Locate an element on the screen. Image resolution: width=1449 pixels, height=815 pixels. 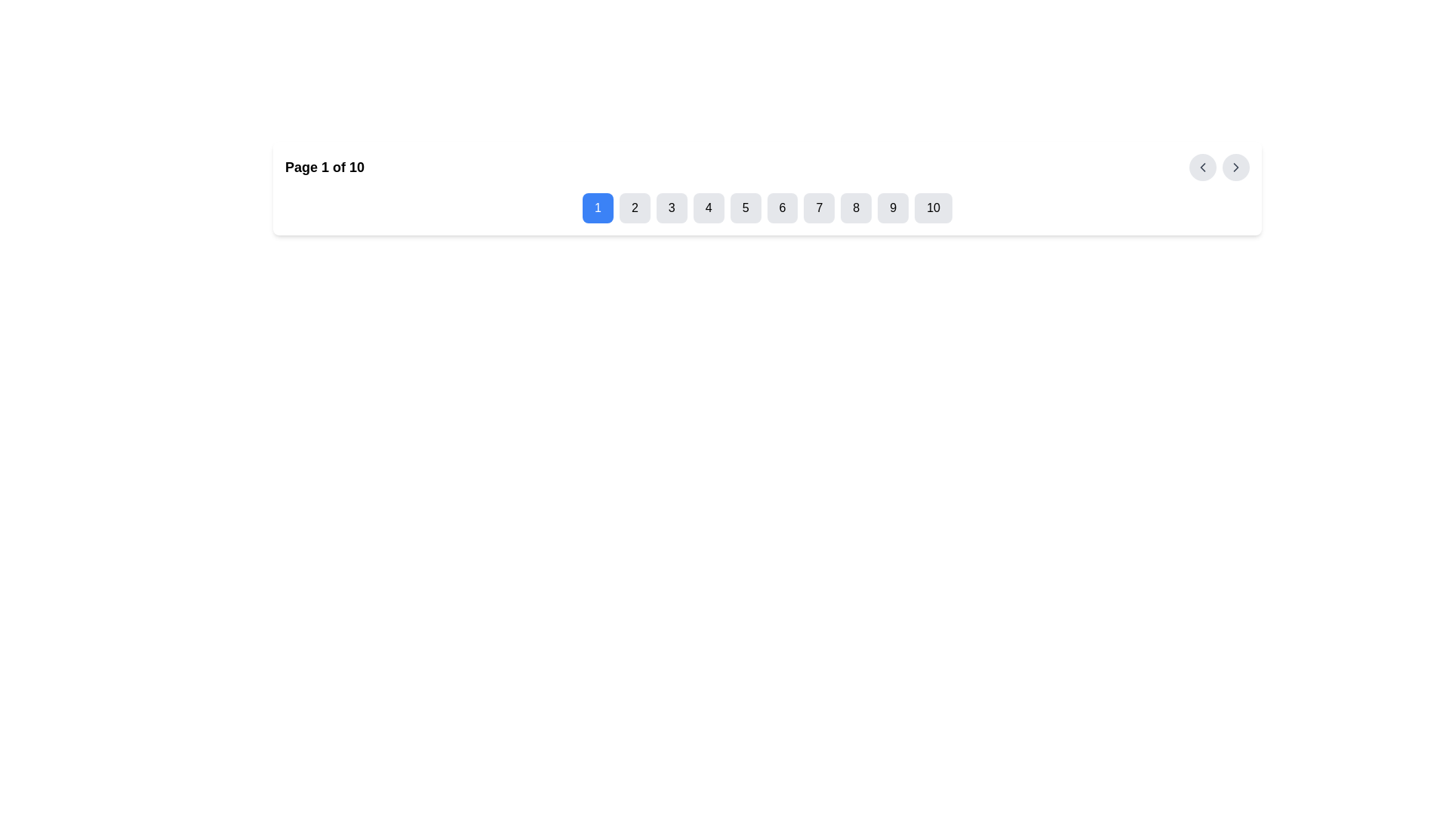
the second pagination button that navigates to page 2 is located at coordinates (635, 208).